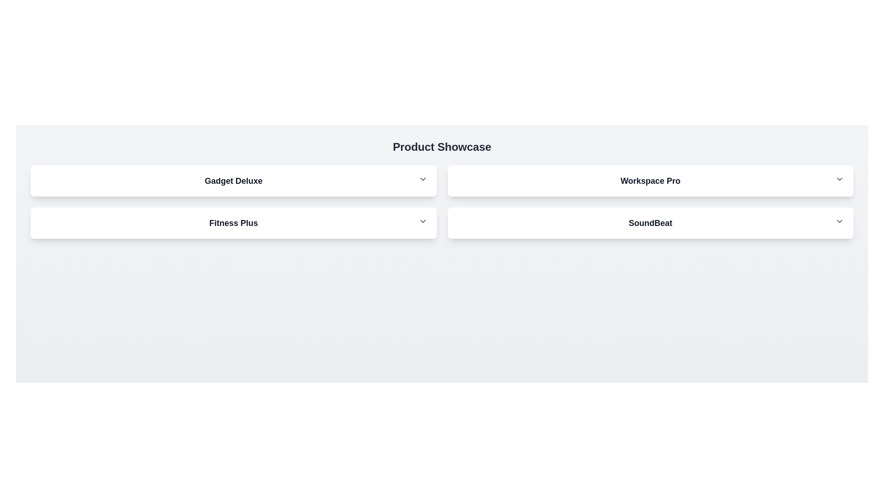 Image resolution: width=881 pixels, height=495 pixels. I want to click on the Dropdown toggle button located in the upper-right corner of the 'Fitness Plus' card, so click(422, 221).